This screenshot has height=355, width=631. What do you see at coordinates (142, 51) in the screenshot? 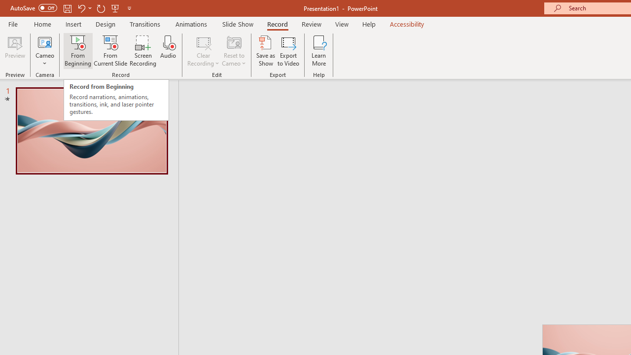
I see `'Screen Recording'` at bounding box center [142, 51].